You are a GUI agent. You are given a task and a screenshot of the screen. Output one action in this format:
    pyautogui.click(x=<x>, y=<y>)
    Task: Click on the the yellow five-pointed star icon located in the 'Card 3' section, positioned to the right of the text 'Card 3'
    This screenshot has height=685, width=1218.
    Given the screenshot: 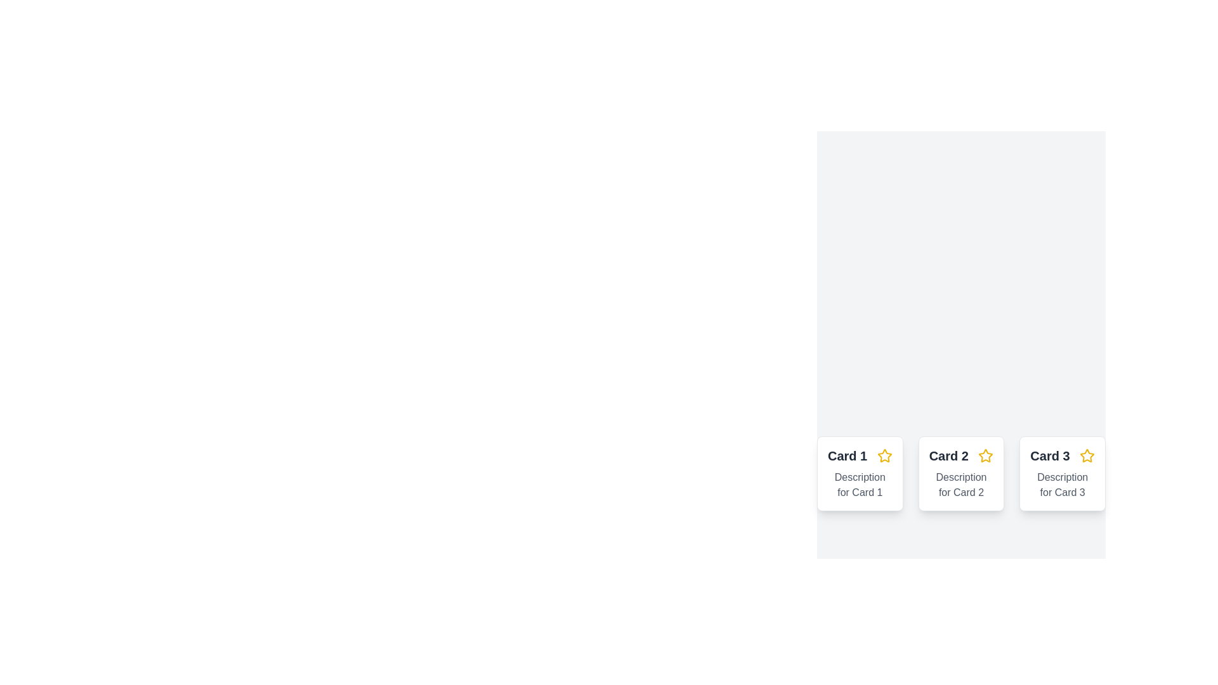 What is the action you would take?
    pyautogui.click(x=1086, y=455)
    